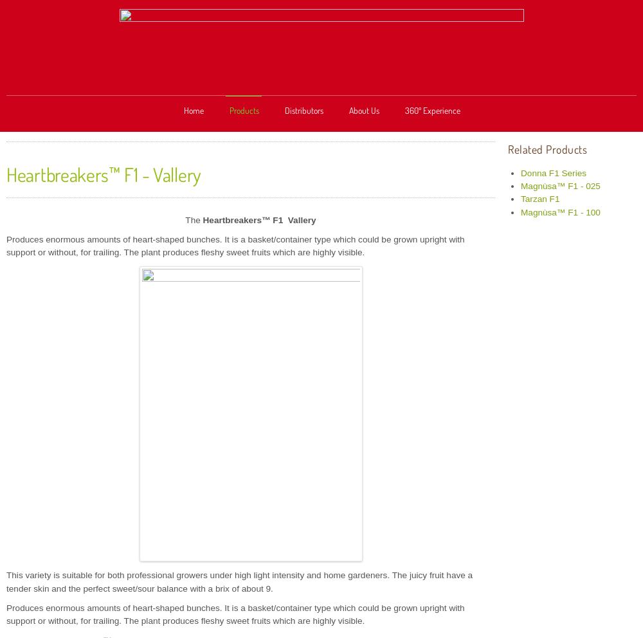 The height and width of the screenshot is (638, 643). Describe the element at coordinates (363, 109) in the screenshot. I see `'About Us'` at that location.